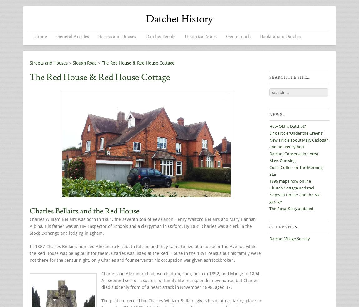 The width and height of the screenshot is (359, 307). What do you see at coordinates (283, 161) in the screenshot?
I see `'Mays Crossing'` at bounding box center [283, 161].